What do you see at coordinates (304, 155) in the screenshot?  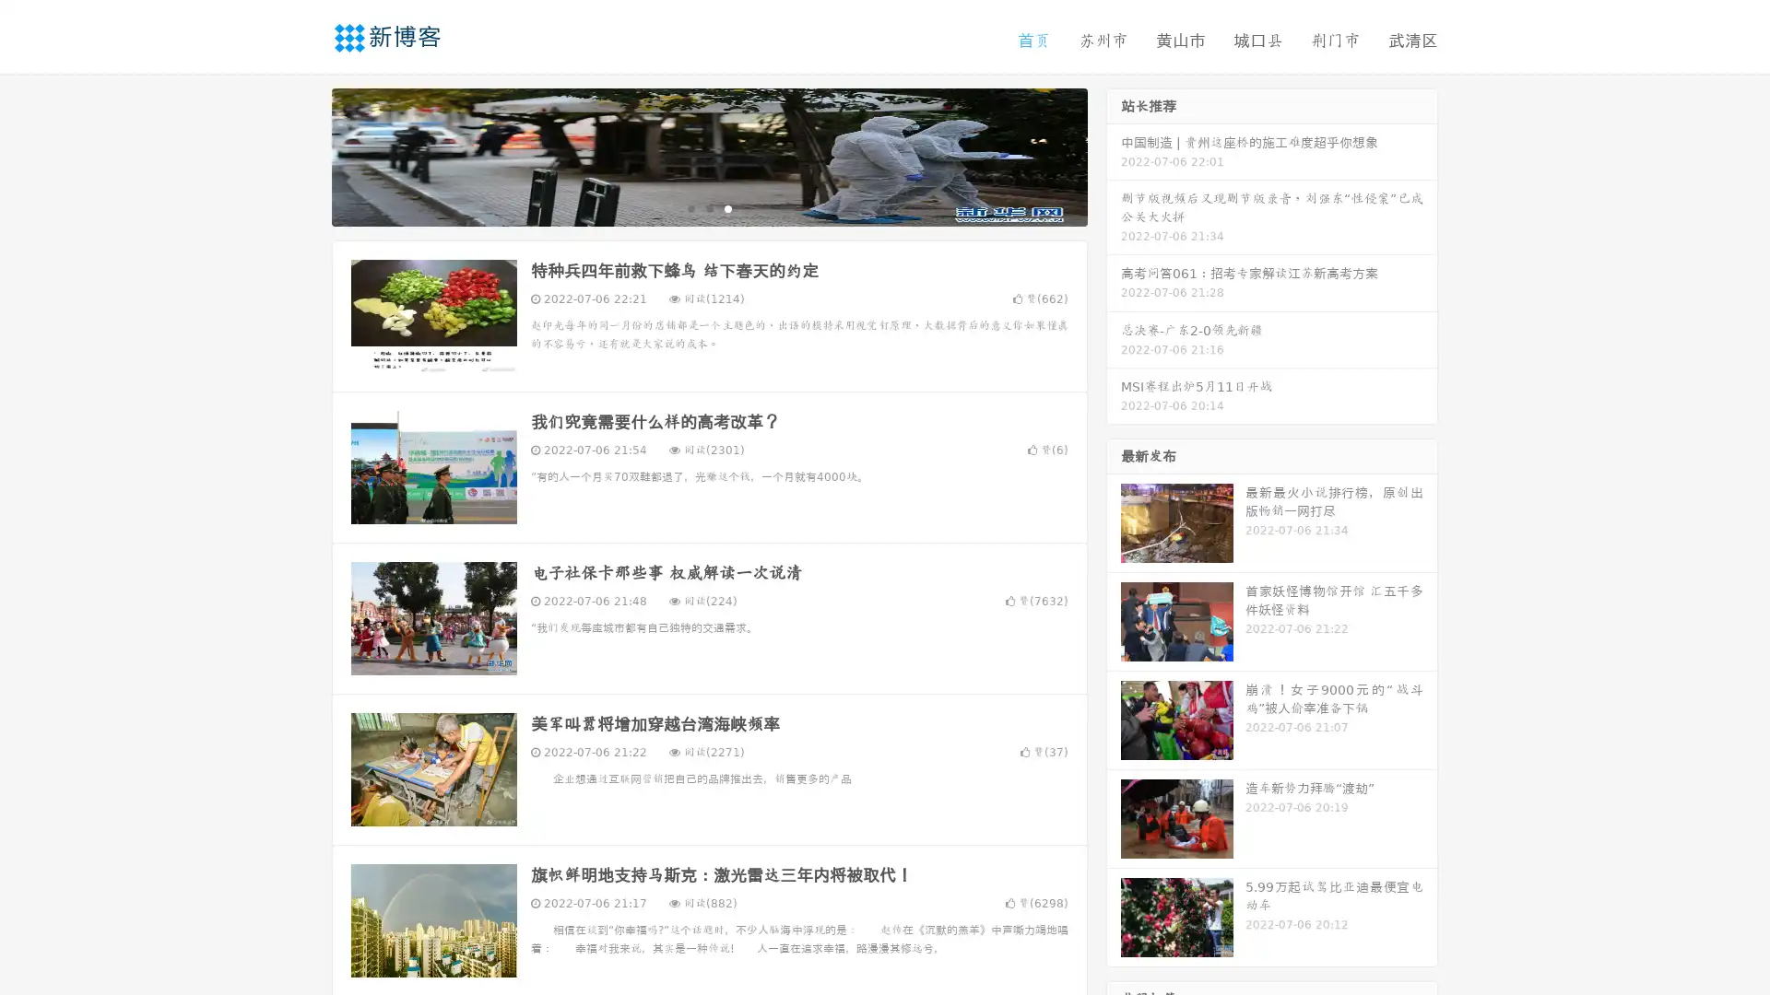 I see `Previous slide` at bounding box center [304, 155].